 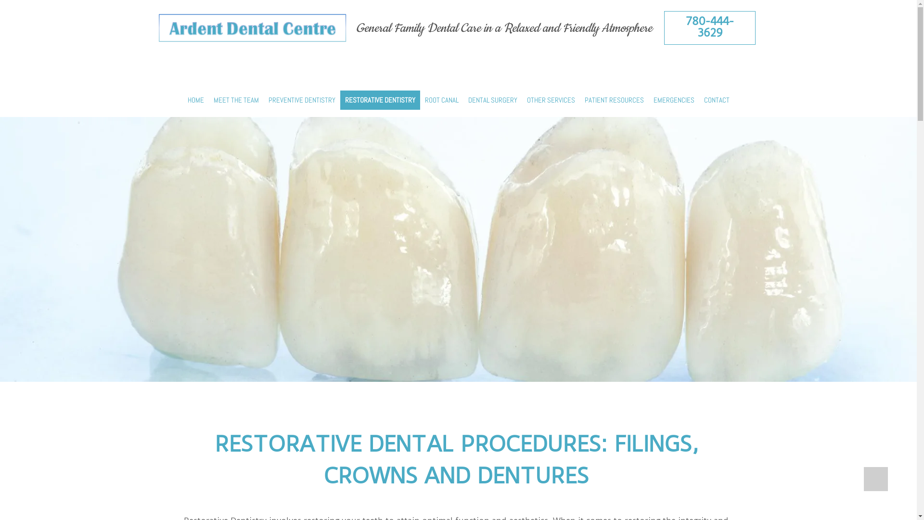 What do you see at coordinates (492, 100) in the screenshot?
I see `'DENTAL SURGERY'` at bounding box center [492, 100].